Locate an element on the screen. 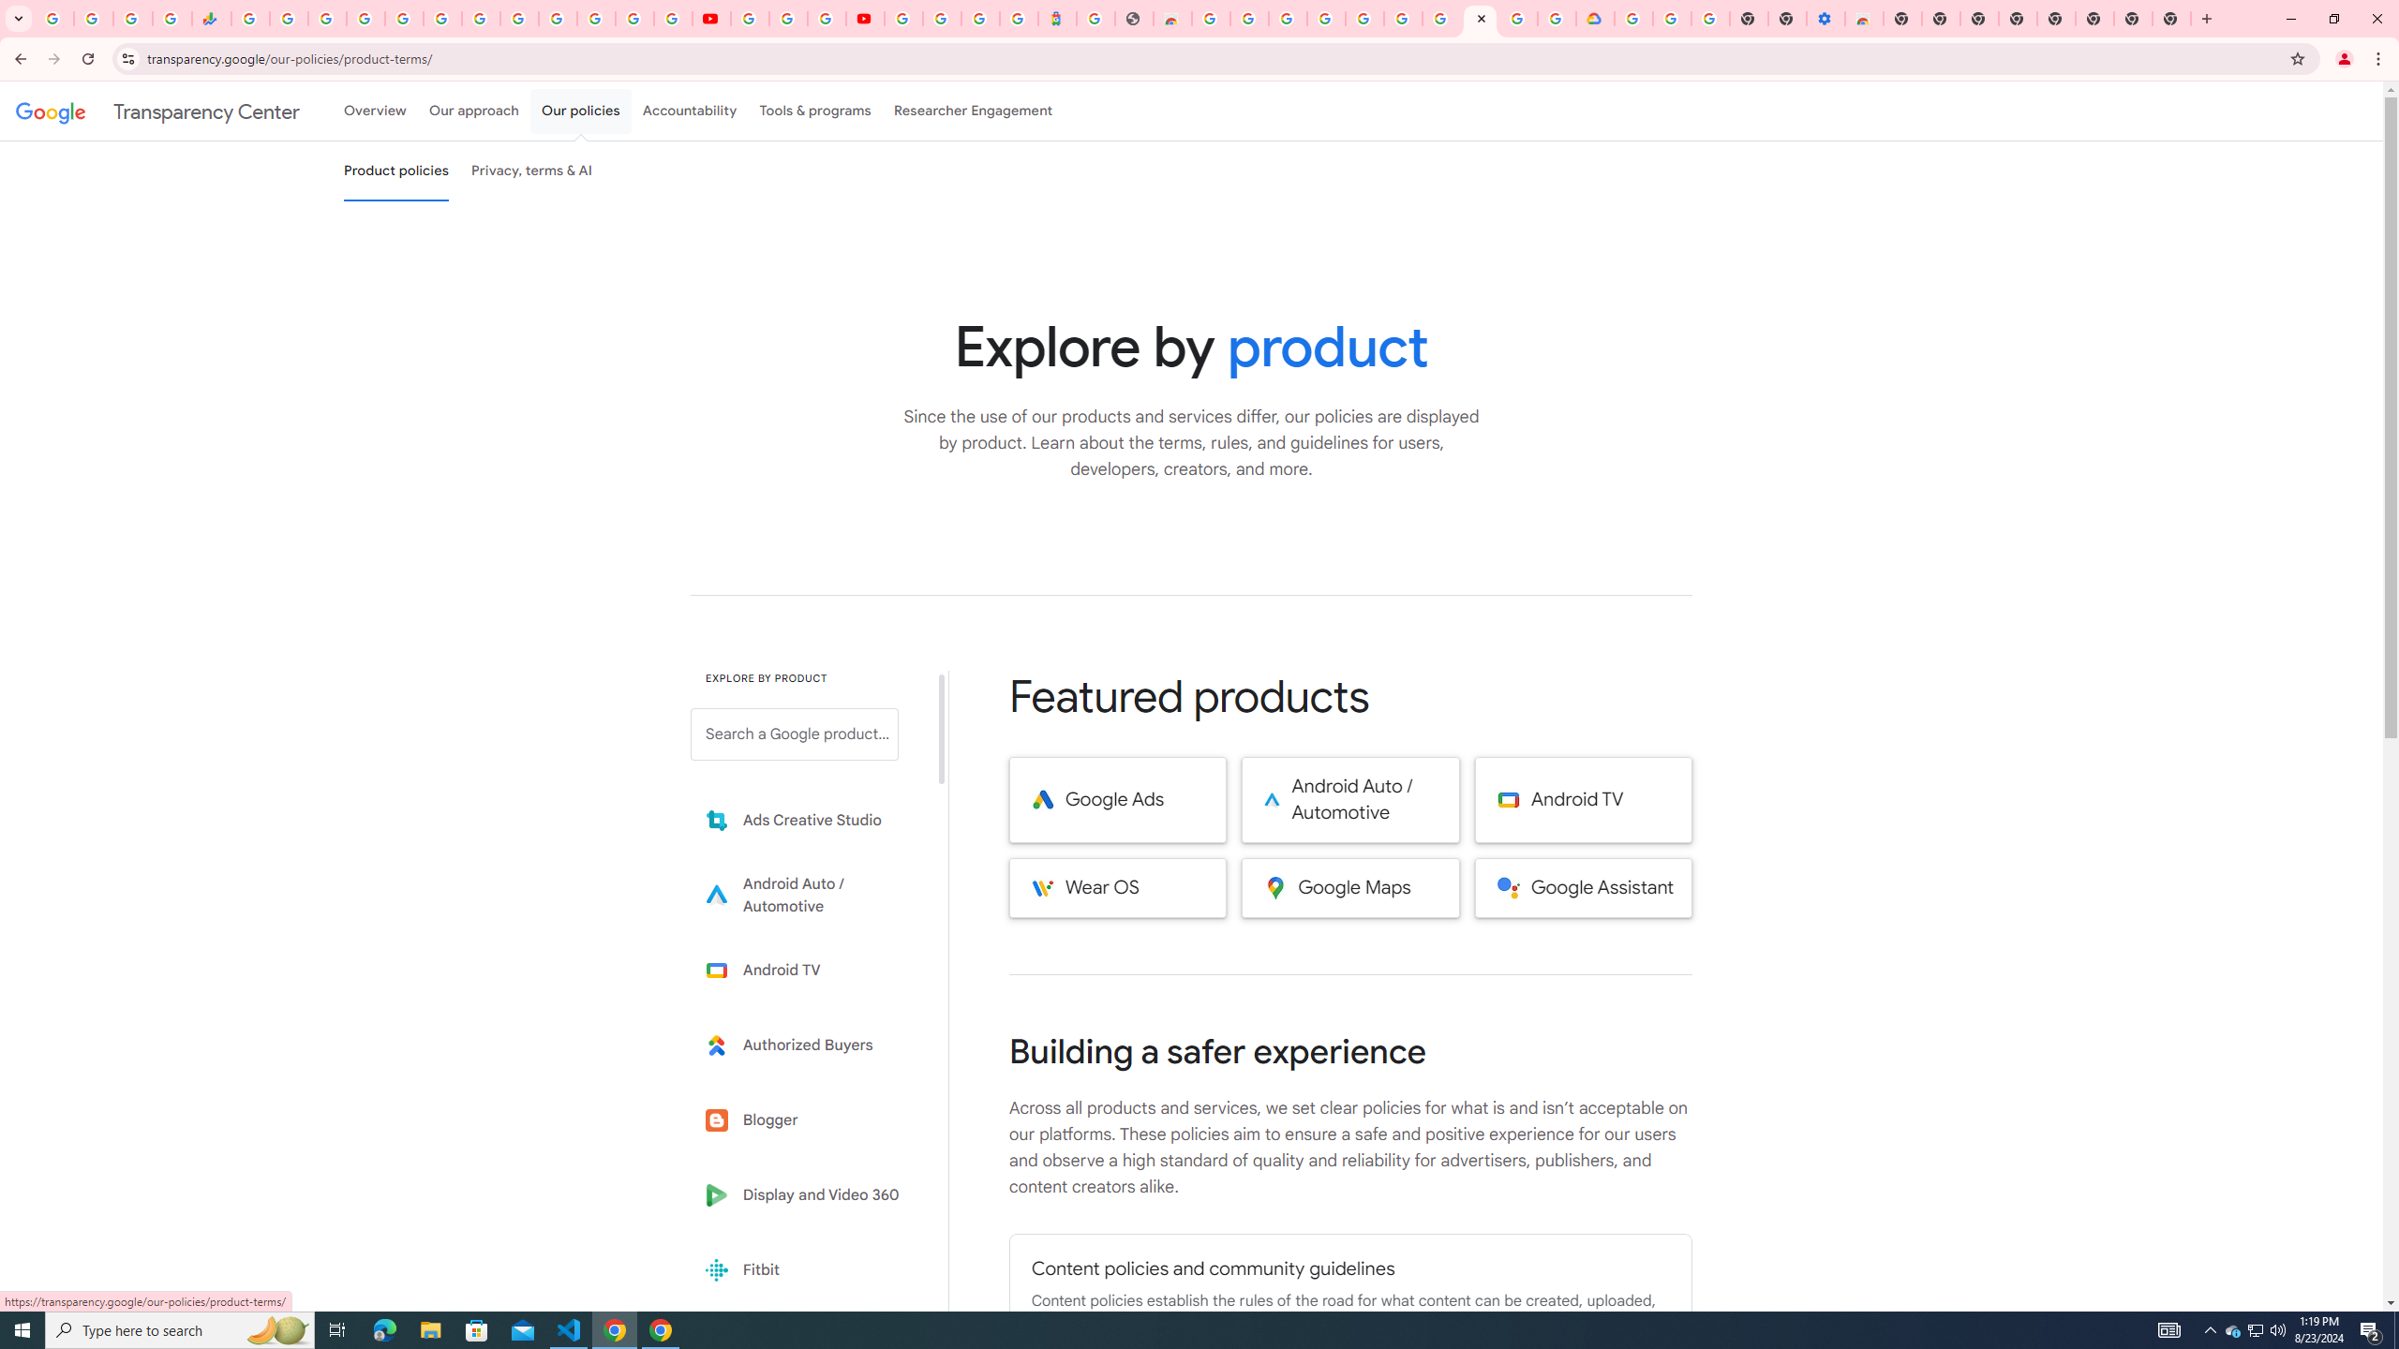  'Researcher Engagement' is located at coordinates (974, 111).